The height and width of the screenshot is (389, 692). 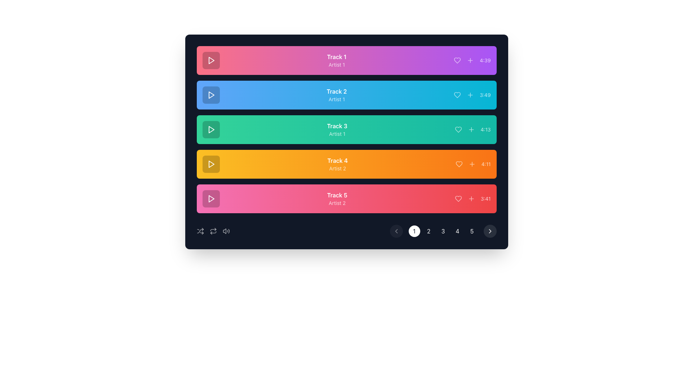 I want to click on the small square button with a white '+' symbol on a red background, located at the far right side of the fifth list item labeled 'Track 5 Artist 2', so click(x=471, y=198).